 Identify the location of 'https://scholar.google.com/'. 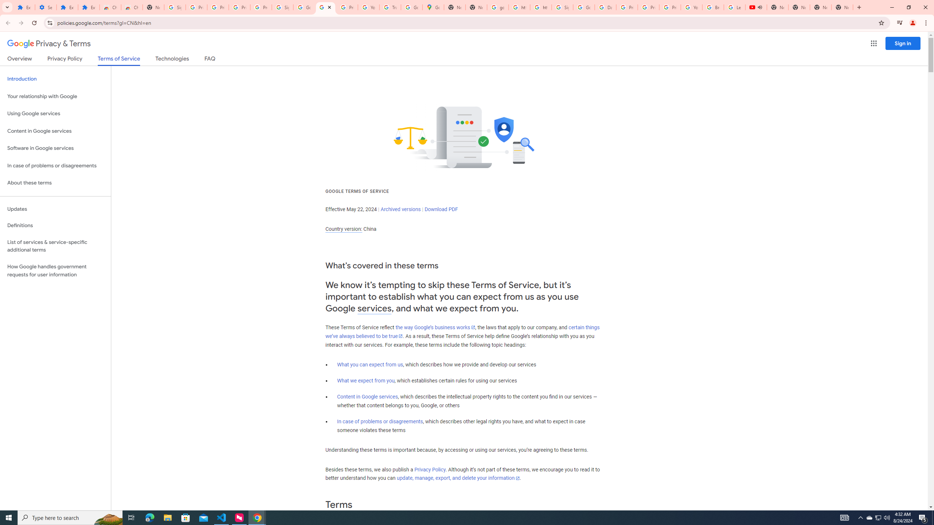
(519, 7).